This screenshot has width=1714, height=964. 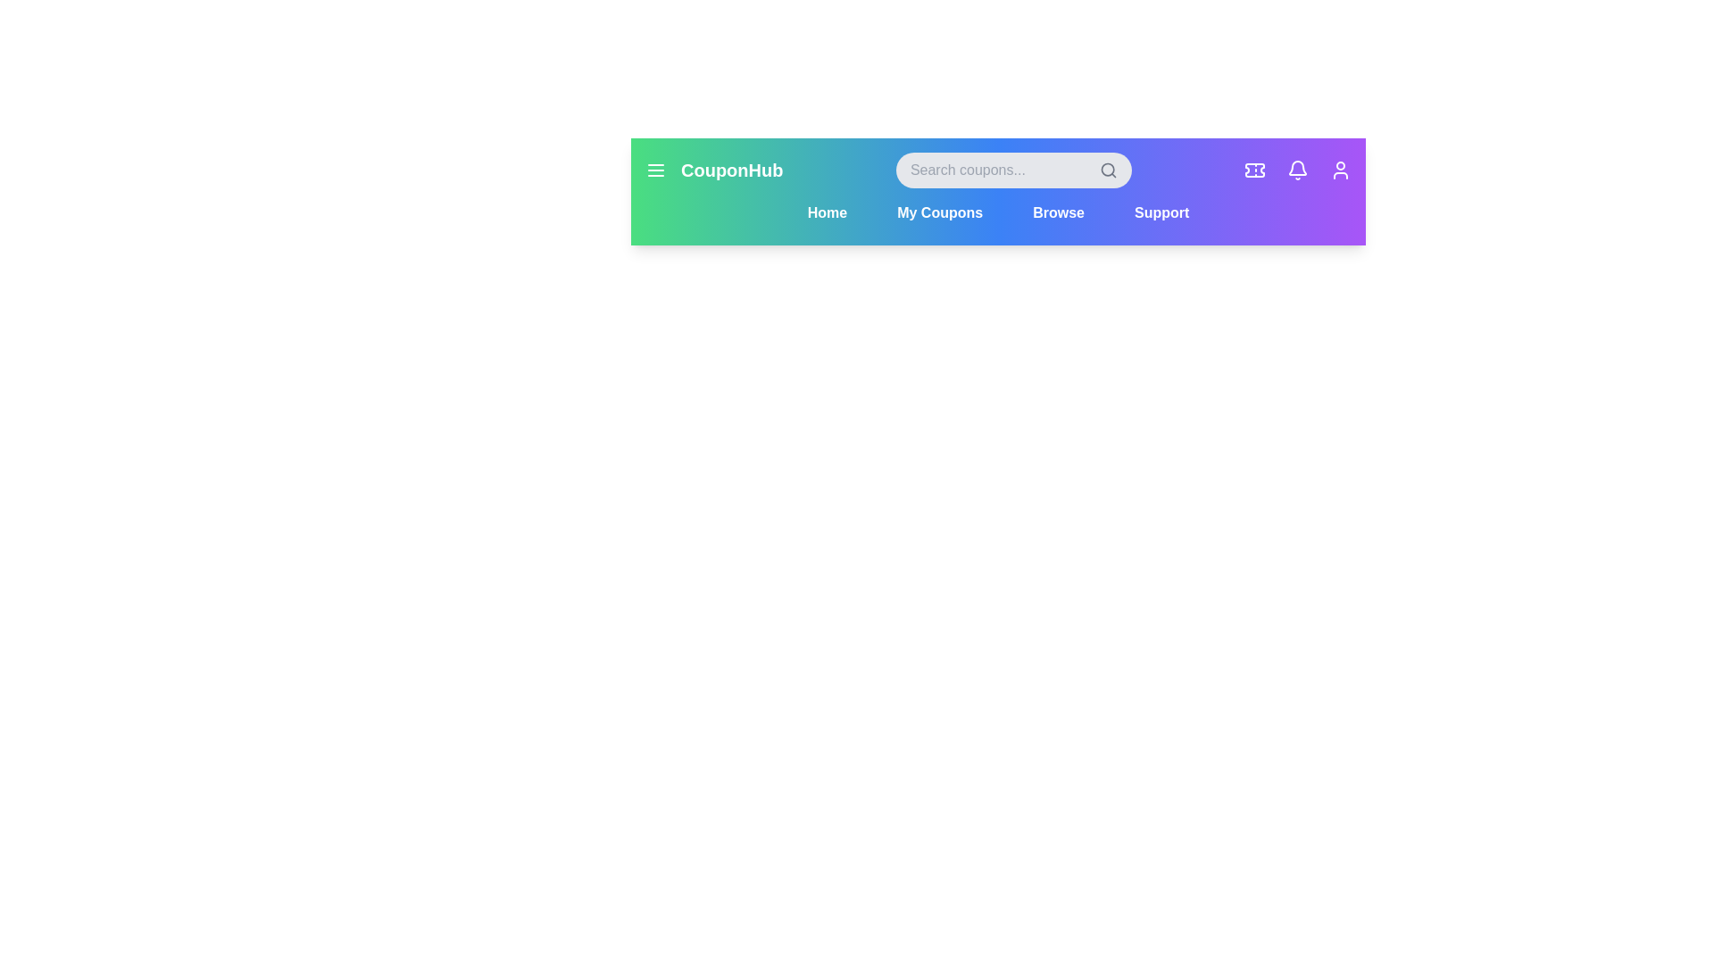 What do you see at coordinates (1058, 212) in the screenshot?
I see `the navigation button labeled Browse` at bounding box center [1058, 212].